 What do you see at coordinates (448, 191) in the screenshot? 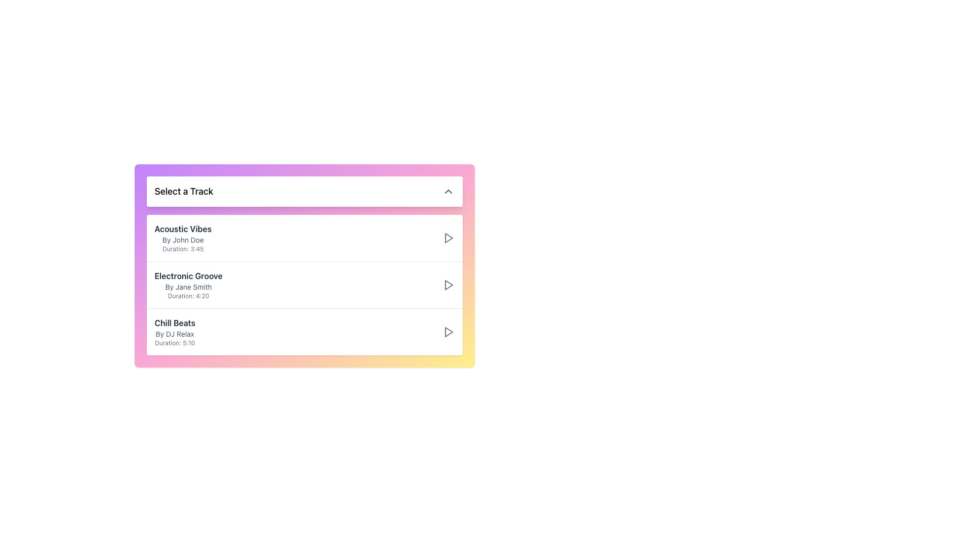
I see `the upward-pointing chevron icon located in the top-right corner of the header section of the white rectangular panel` at bounding box center [448, 191].